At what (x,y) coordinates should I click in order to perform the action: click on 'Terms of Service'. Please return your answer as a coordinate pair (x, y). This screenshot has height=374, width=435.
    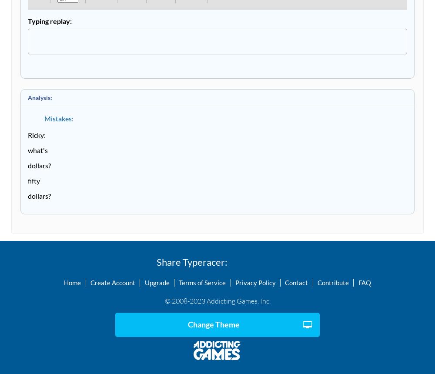
    Looking at the image, I should click on (202, 282).